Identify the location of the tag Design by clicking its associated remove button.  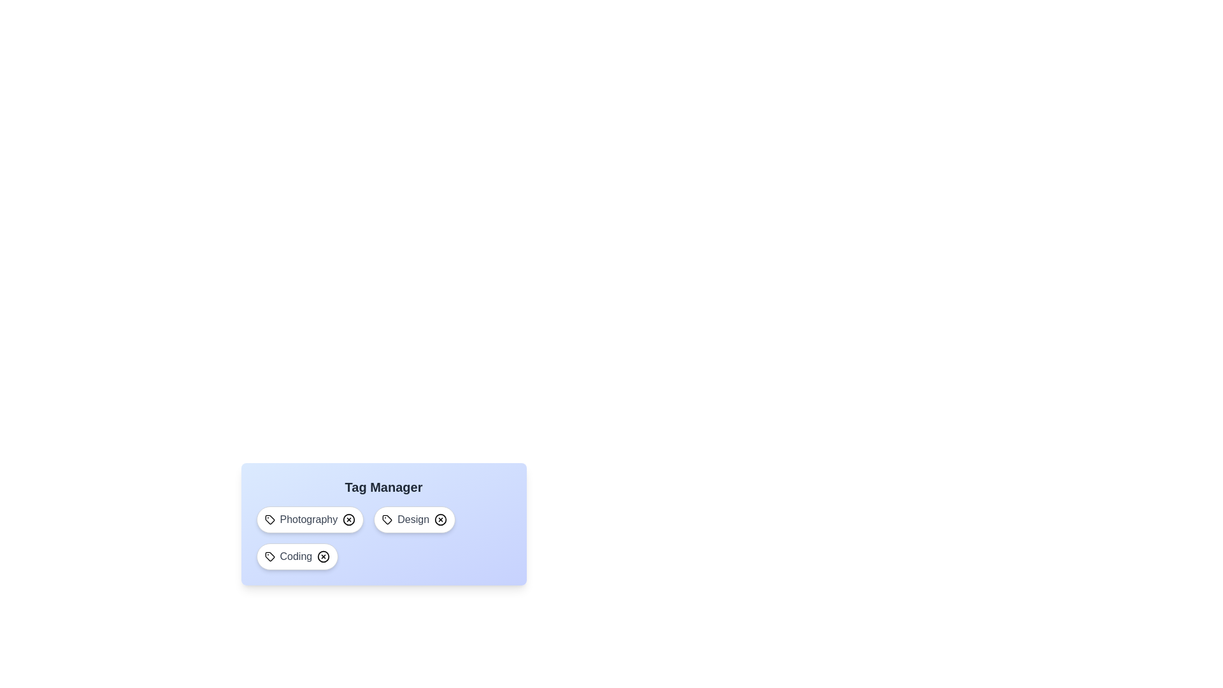
(440, 520).